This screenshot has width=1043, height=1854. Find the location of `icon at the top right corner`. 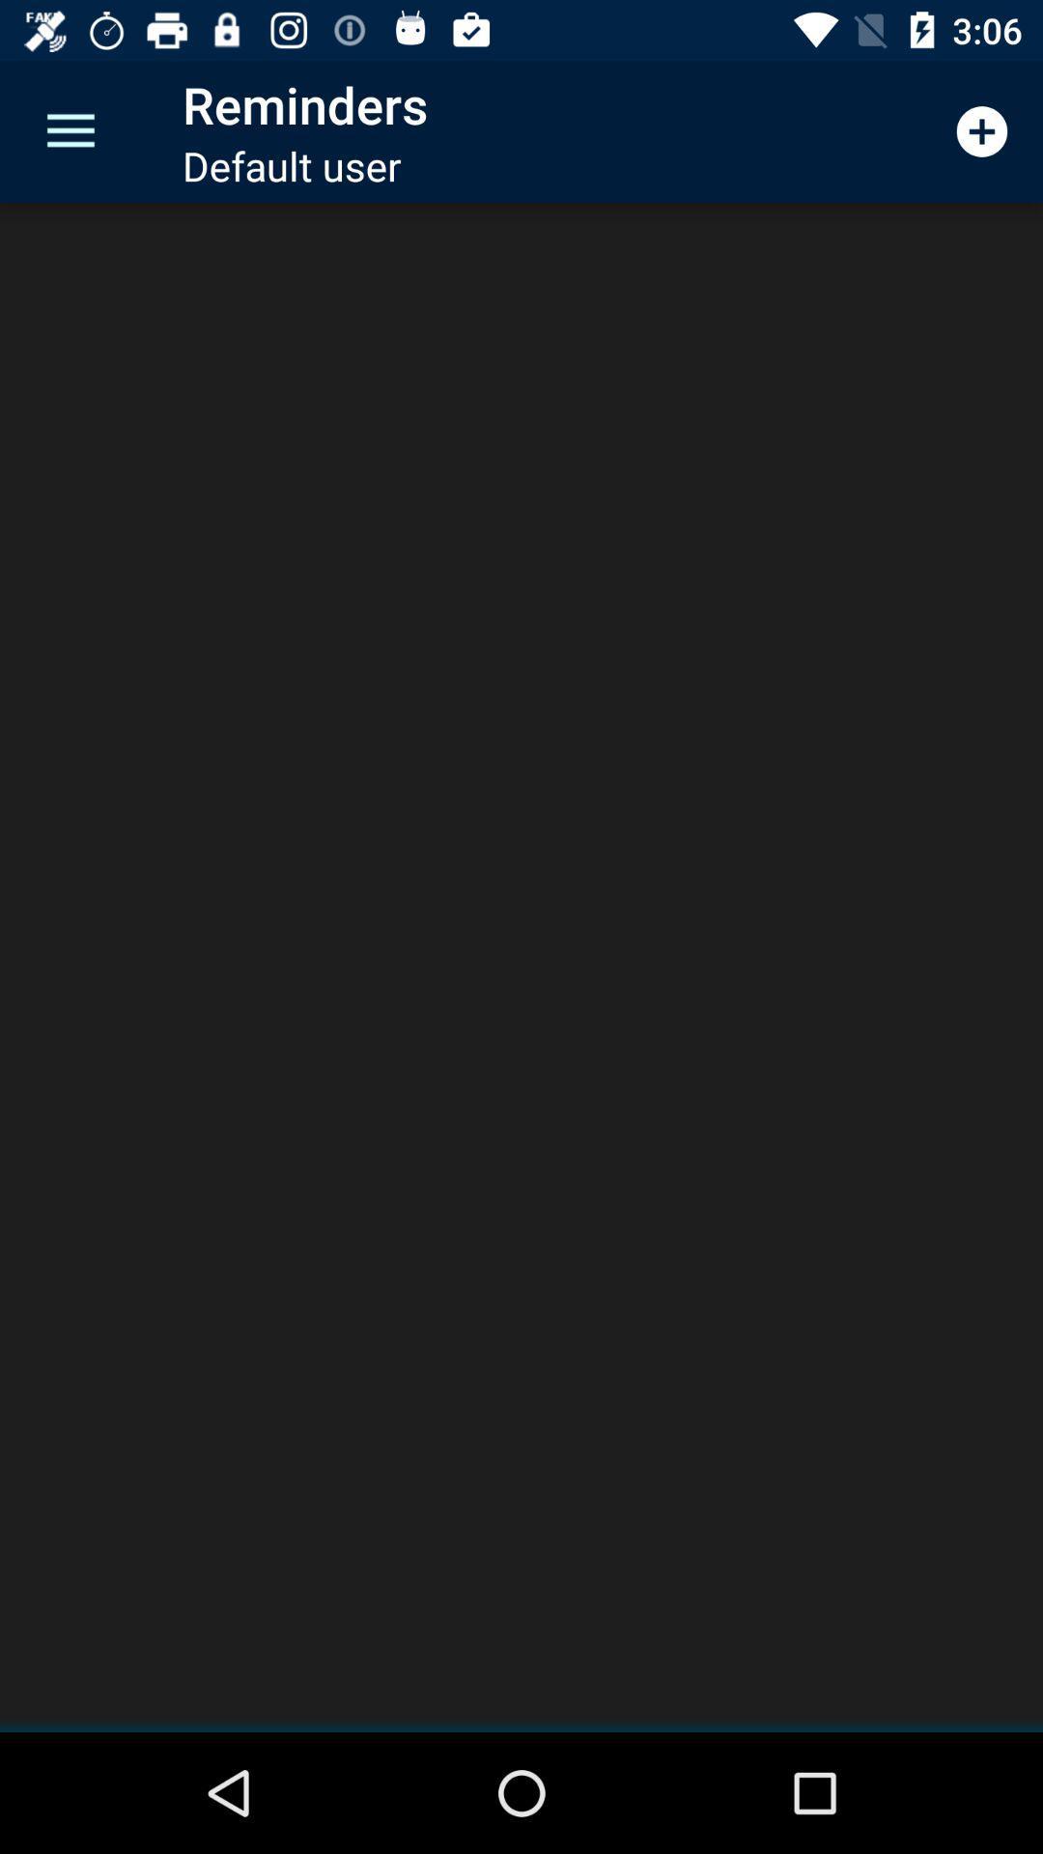

icon at the top right corner is located at coordinates (982, 130).